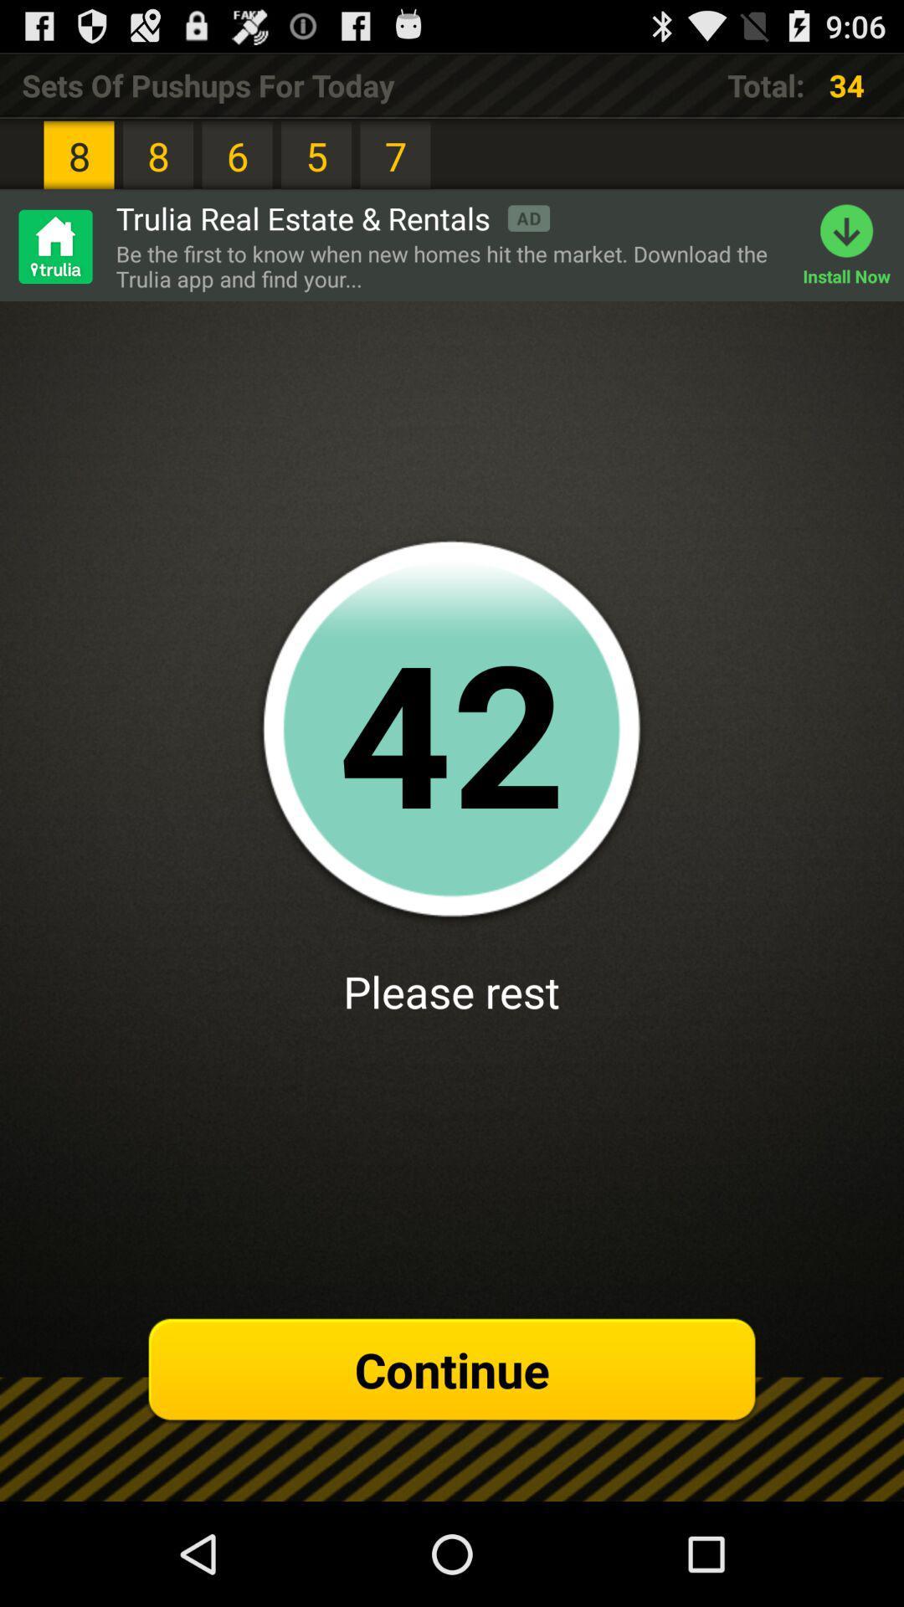 The image size is (904, 1607). Describe the element at coordinates (853, 245) in the screenshot. I see `install now icon` at that location.